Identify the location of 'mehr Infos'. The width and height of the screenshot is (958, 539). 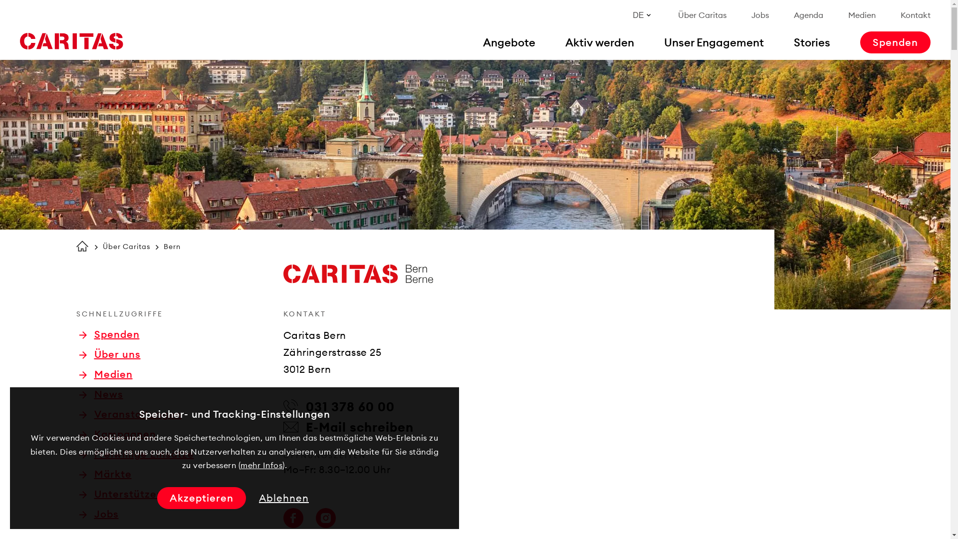
(261, 465).